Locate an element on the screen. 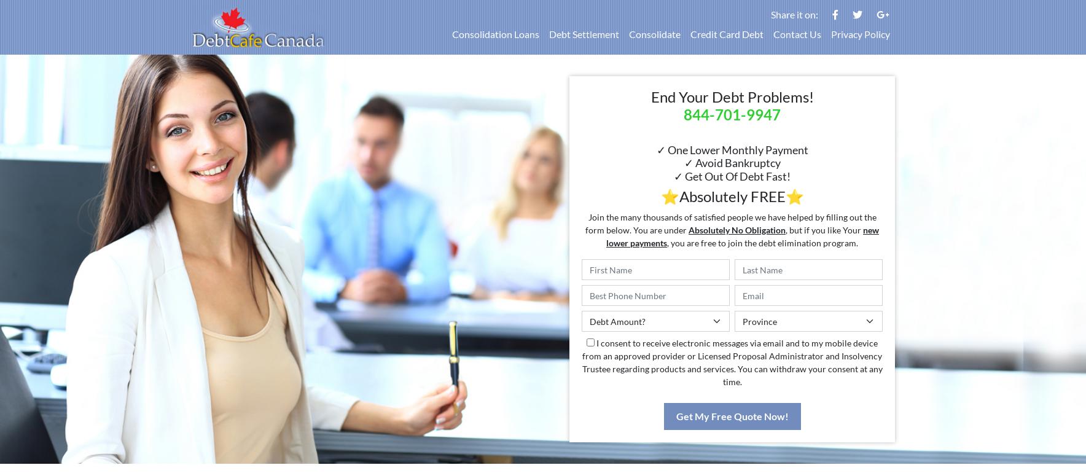 Image resolution: width=1086 pixels, height=473 pixels. 'Strictly Confidential' is located at coordinates (483, 429).